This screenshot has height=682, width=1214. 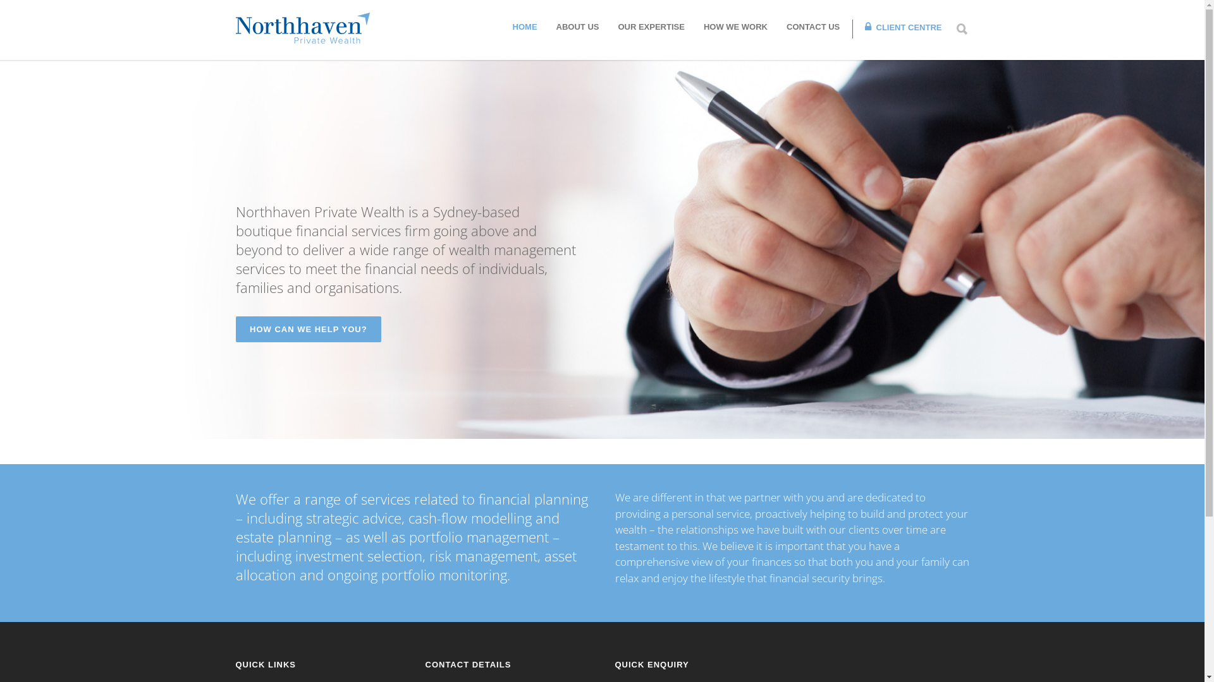 I want to click on 'HOW WE WORK', so click(x=694, y=27).